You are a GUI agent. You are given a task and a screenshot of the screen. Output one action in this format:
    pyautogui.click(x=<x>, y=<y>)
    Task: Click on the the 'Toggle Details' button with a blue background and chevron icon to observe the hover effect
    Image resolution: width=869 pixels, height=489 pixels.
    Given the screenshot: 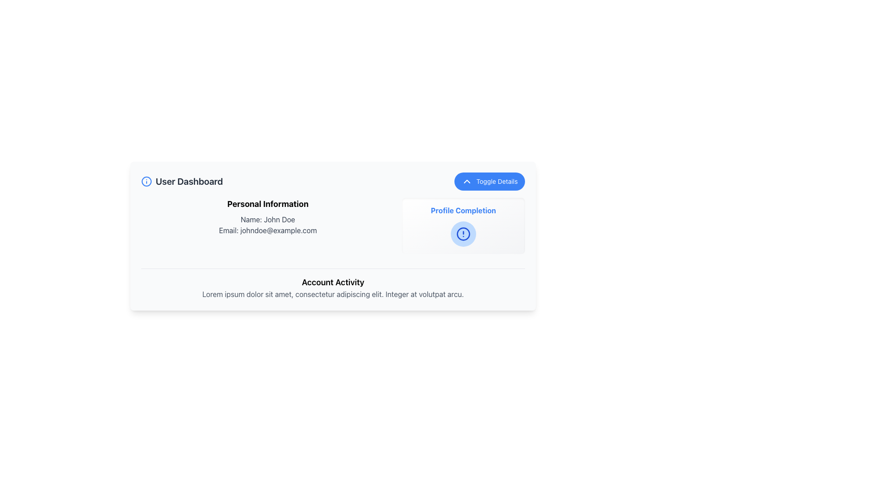 What is the action you would take?
    pyautogui.click(x=489, y=182)
    